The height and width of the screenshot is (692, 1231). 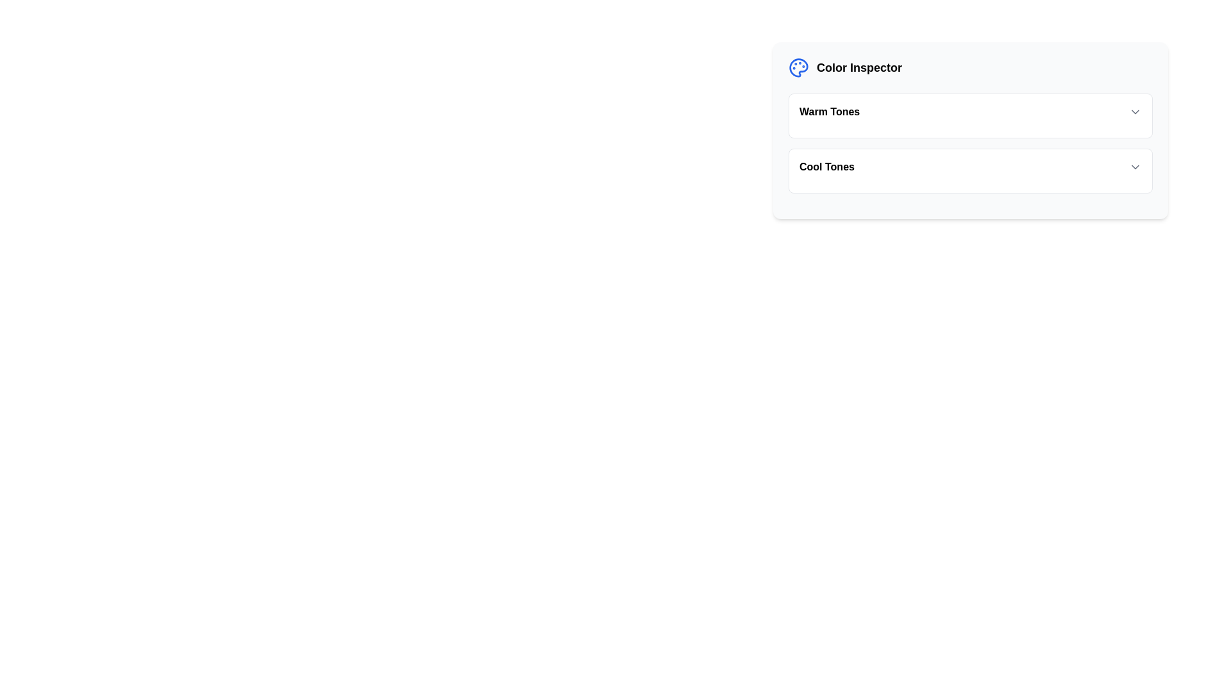 I want to click on the chevron icon button that toggles visibility for additional options related to 'Cool Tones', so click(x=1135, y=167).